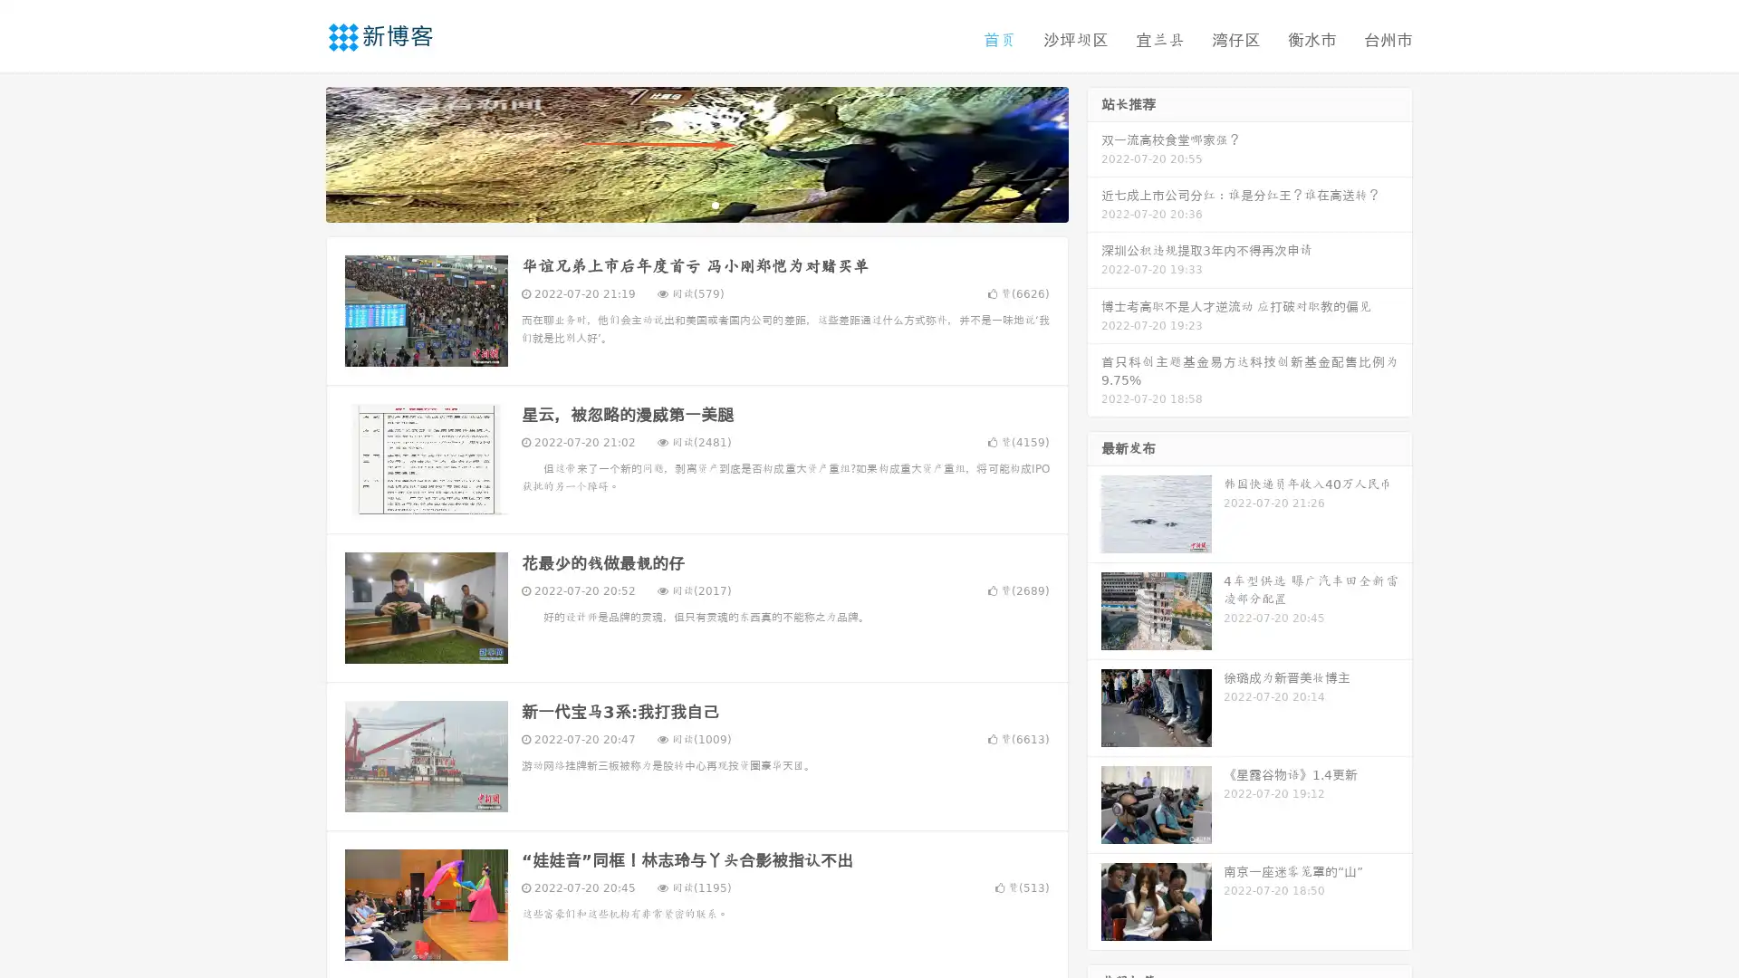 The height and width of the screenshot is (978, 1739). Describe the element at coordinates (677, 204) in the screenshot. I see `Go to slide 1` at that location.